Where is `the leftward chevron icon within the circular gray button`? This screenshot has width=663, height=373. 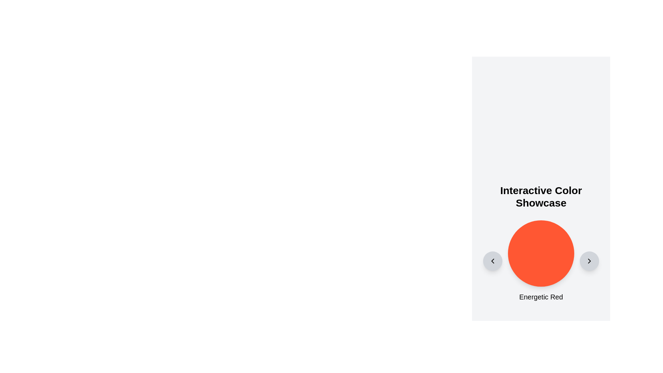 the leftward chevron icon within the circular gray button is located at coordinates (492, 261).